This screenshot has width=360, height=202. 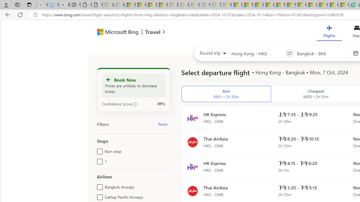 What do you see at coordinates (115, 33) in the screenshot?
I see `'Microsoft Bing'` at bounding box center [115, 33].